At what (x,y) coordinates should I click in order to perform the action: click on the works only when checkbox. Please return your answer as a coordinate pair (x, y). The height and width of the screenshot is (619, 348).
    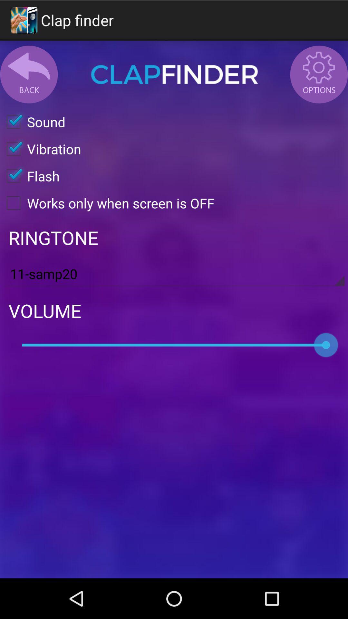
    Looking at the image, I should click on (107, 202).